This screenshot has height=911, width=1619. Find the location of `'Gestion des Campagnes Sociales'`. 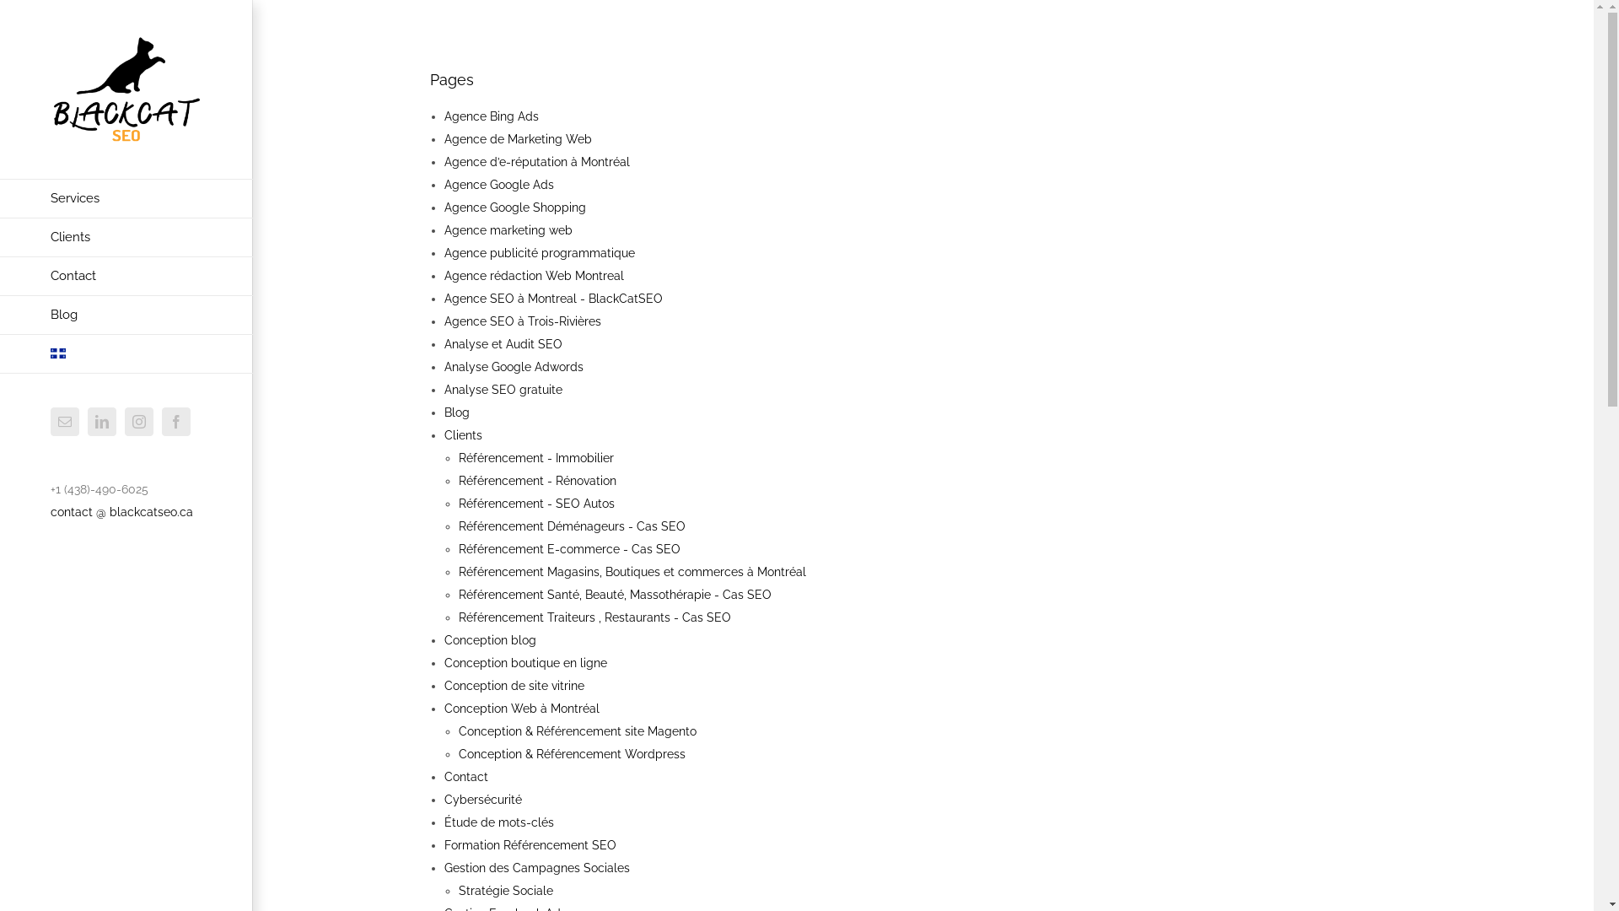

'Gestion des Campagnes Sociales' is located at coordinates (536, 868).